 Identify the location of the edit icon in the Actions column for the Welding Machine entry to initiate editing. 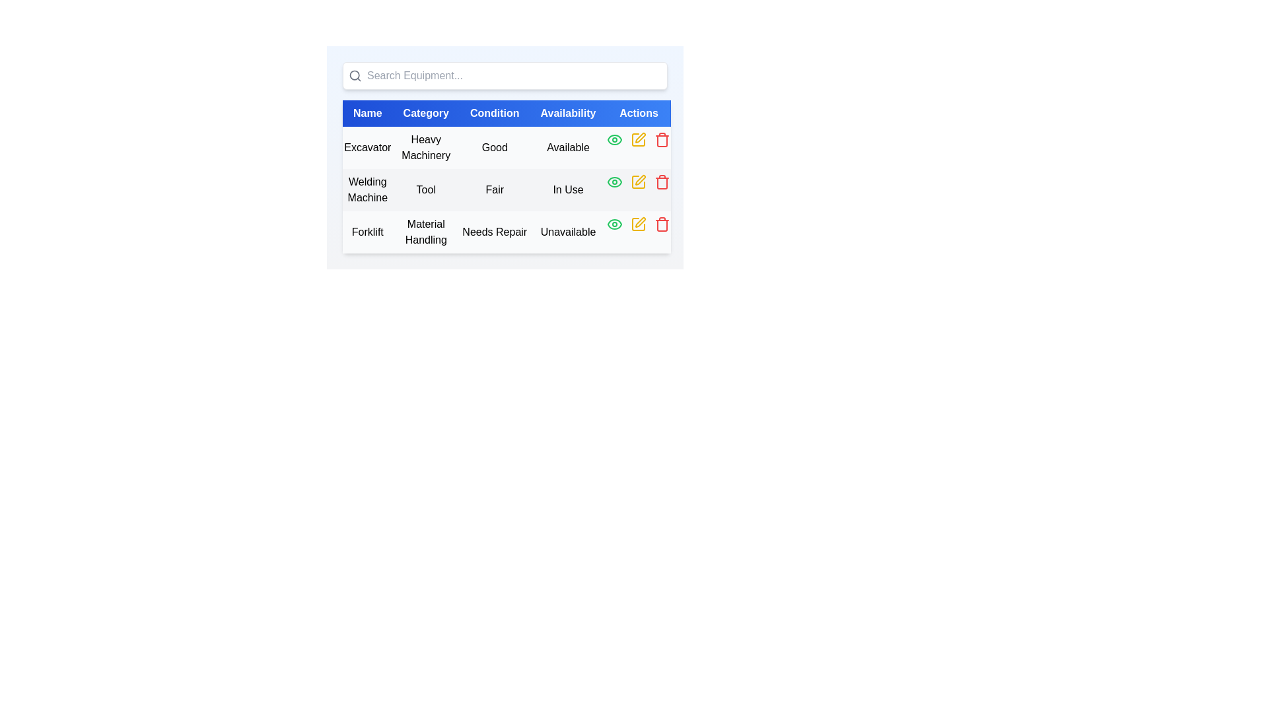
(639, 182).